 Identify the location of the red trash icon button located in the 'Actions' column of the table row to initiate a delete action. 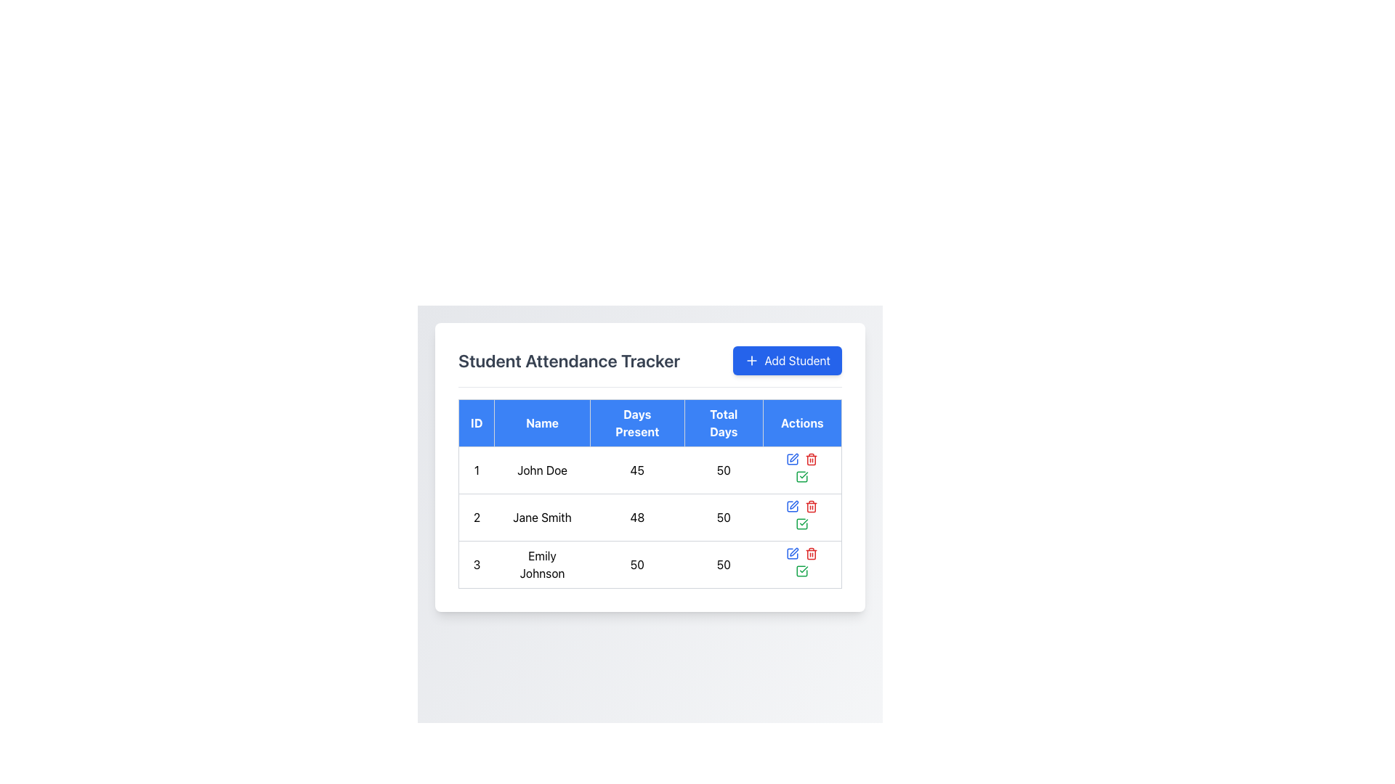
(811, 459).